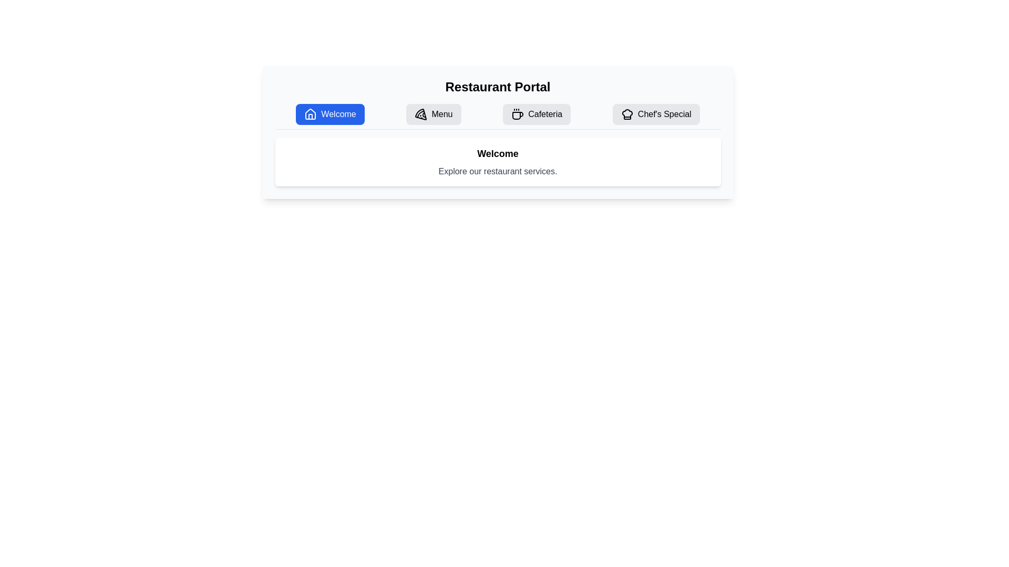 The image size is (1009, 567). What do you see at coordinates (537, 114) in the screenshot?
I see `the 'Cafeteria' button, which is a rectangular button with rounded corners and a coffee mug icon` at bounding box center [537, 114].